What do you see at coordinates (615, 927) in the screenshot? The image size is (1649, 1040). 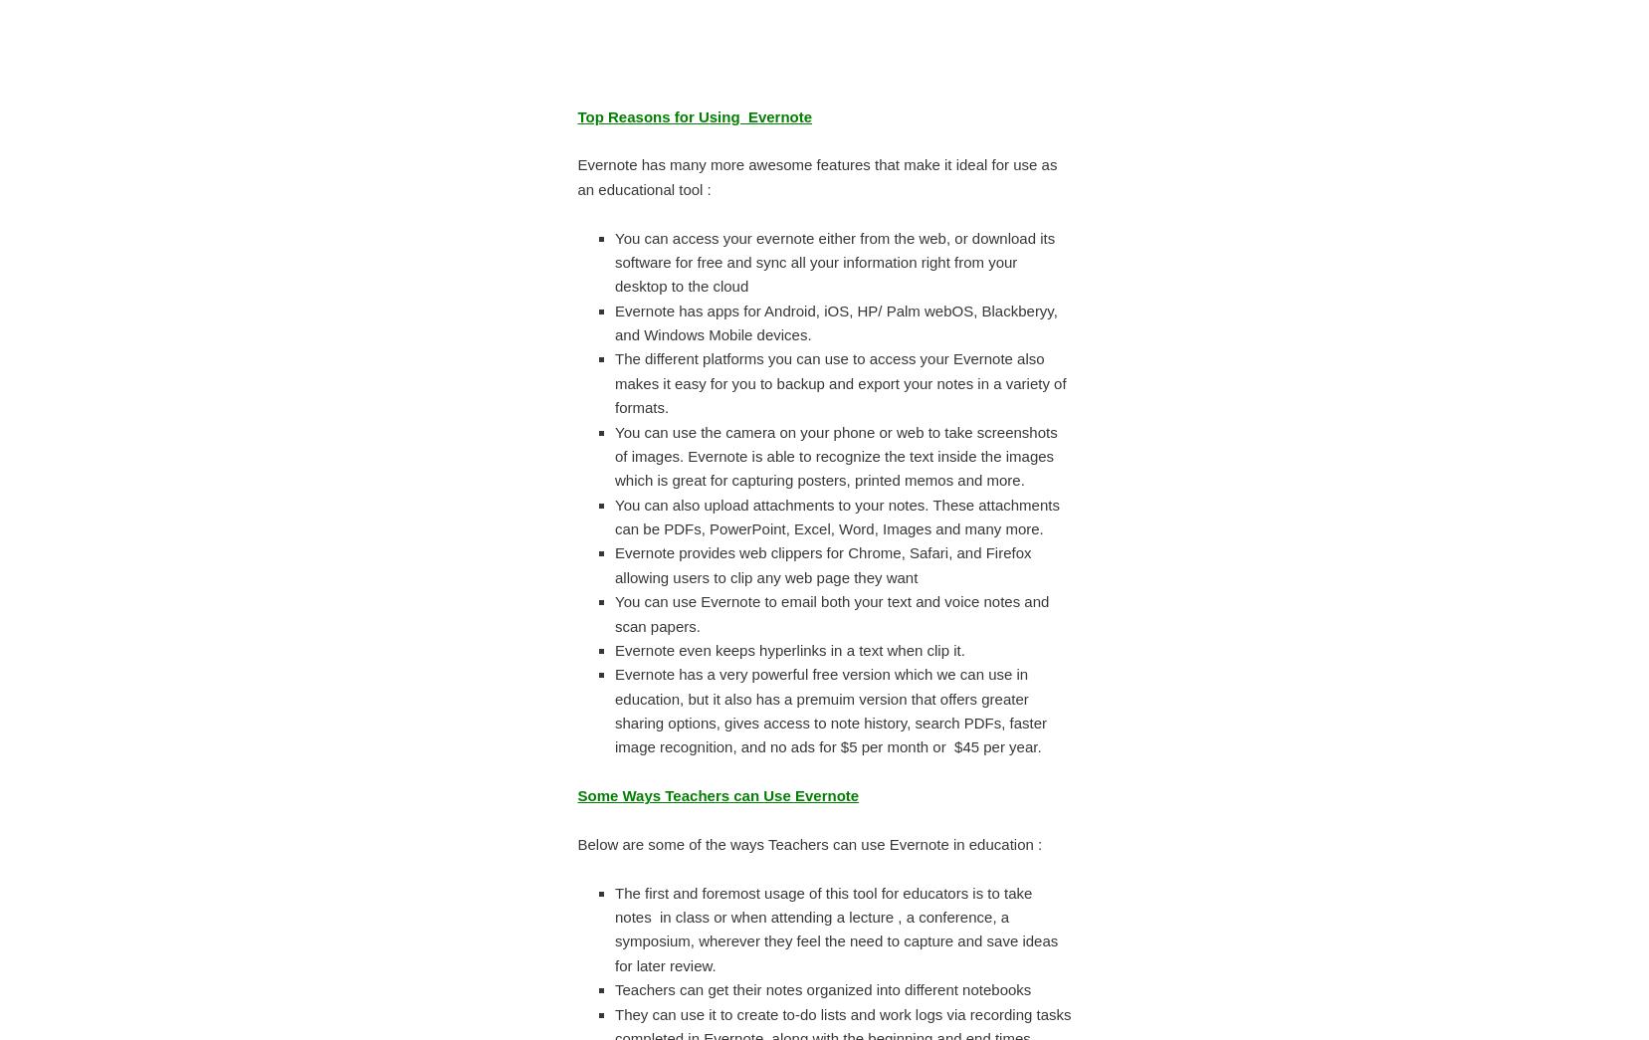 I see `'The first and foremost usage of this tool for educators is to take notes  in class or when attending a lecture , a conference, a symposium, wherever they feel the need to capture and save ideas for later review.'` at bounding box center [615, 927].